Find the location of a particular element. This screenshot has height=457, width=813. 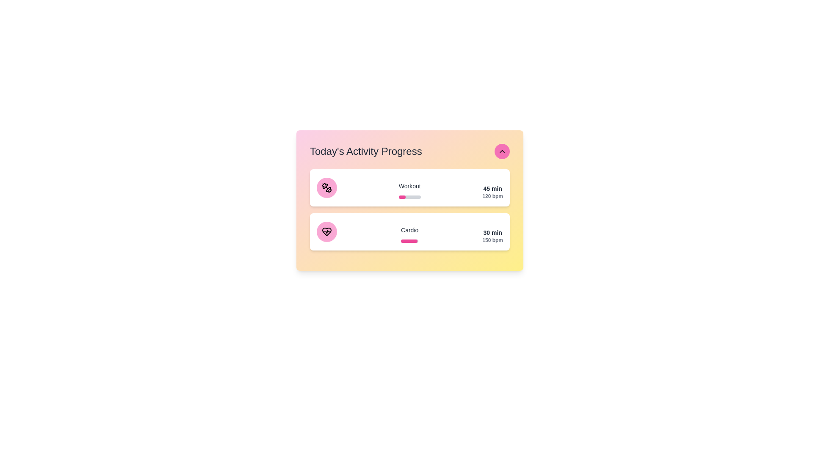

the workout activity icon located in the top-left corner of the first row within the 'Today's Activity Progress' section, to the left of the 'Workout' text is located at coordinates (326, 187).